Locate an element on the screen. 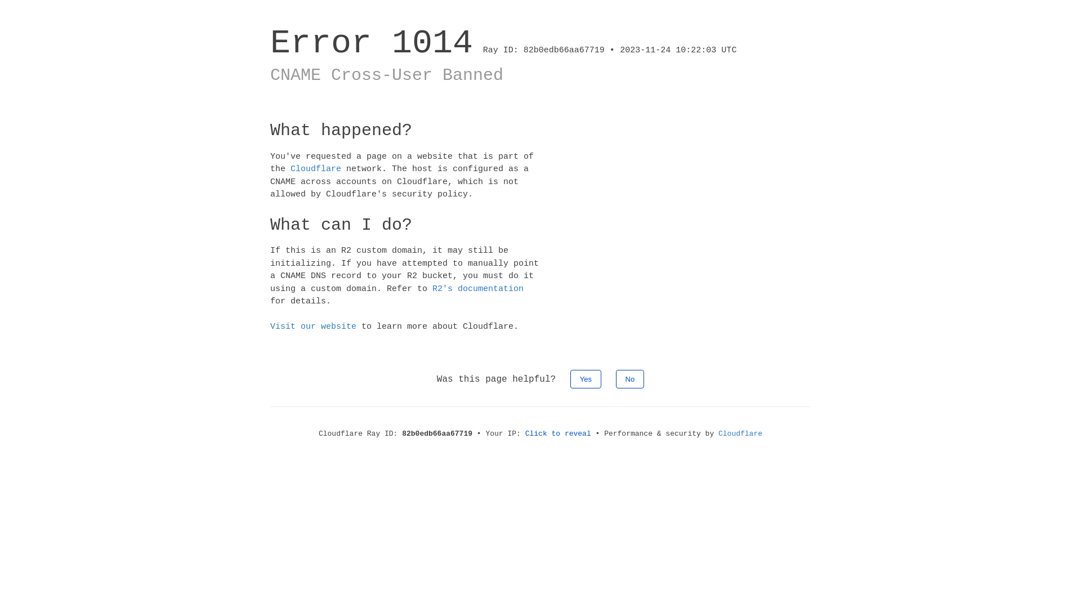 The width and height of the screenshot is (1081, 608). 'Cloudflare' is located at coordinates (315, 169).